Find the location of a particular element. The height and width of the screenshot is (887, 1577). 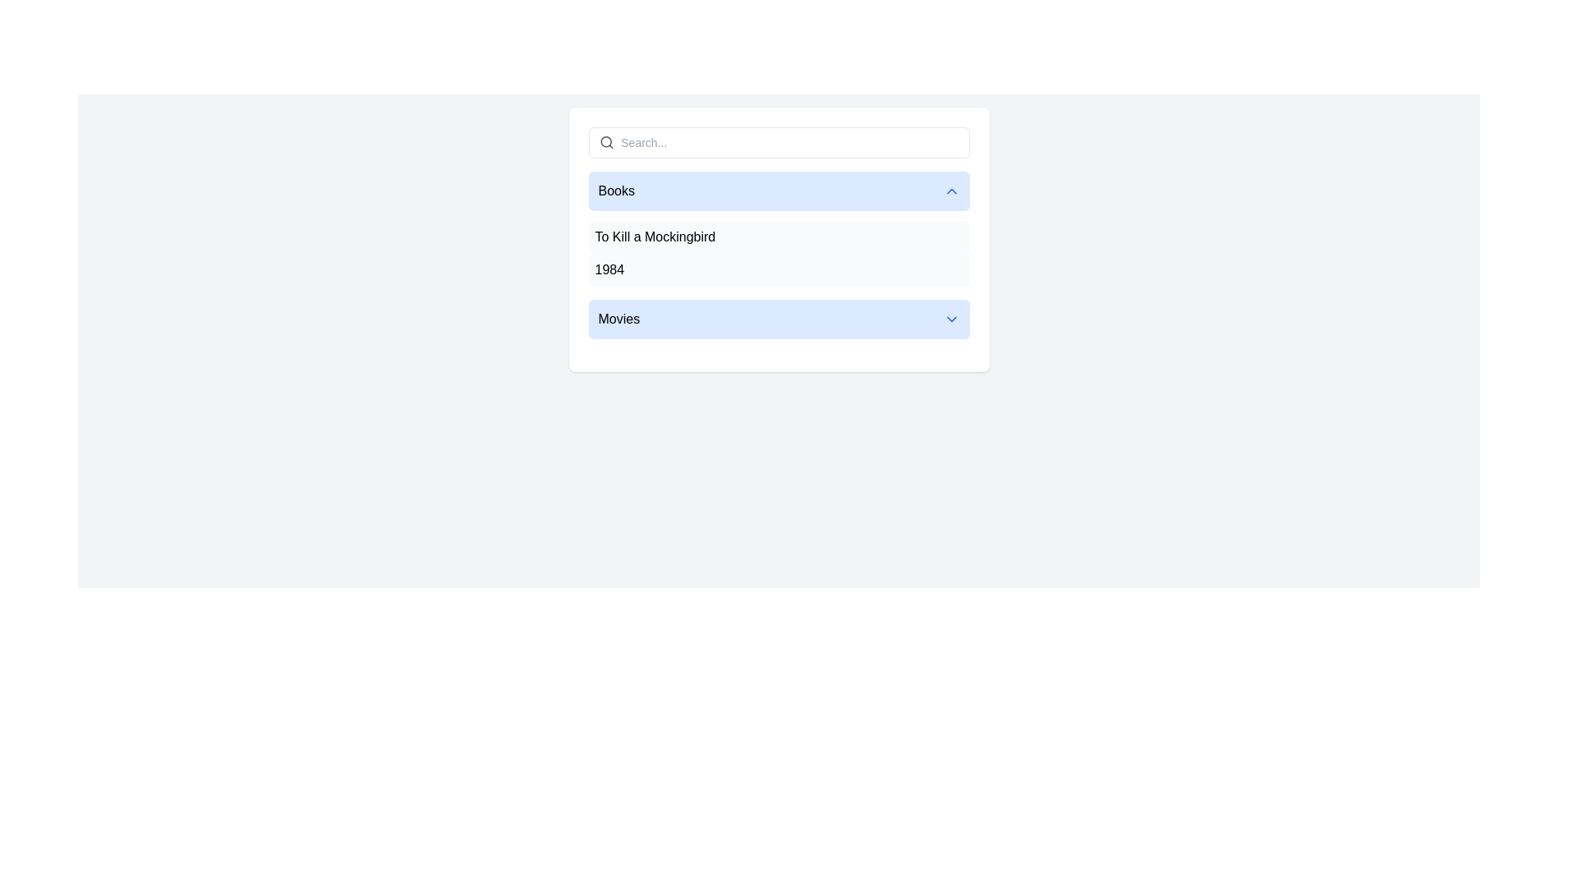

the second list item labeled '1984' in the 'Books' category is located at coordinates (778, 269).